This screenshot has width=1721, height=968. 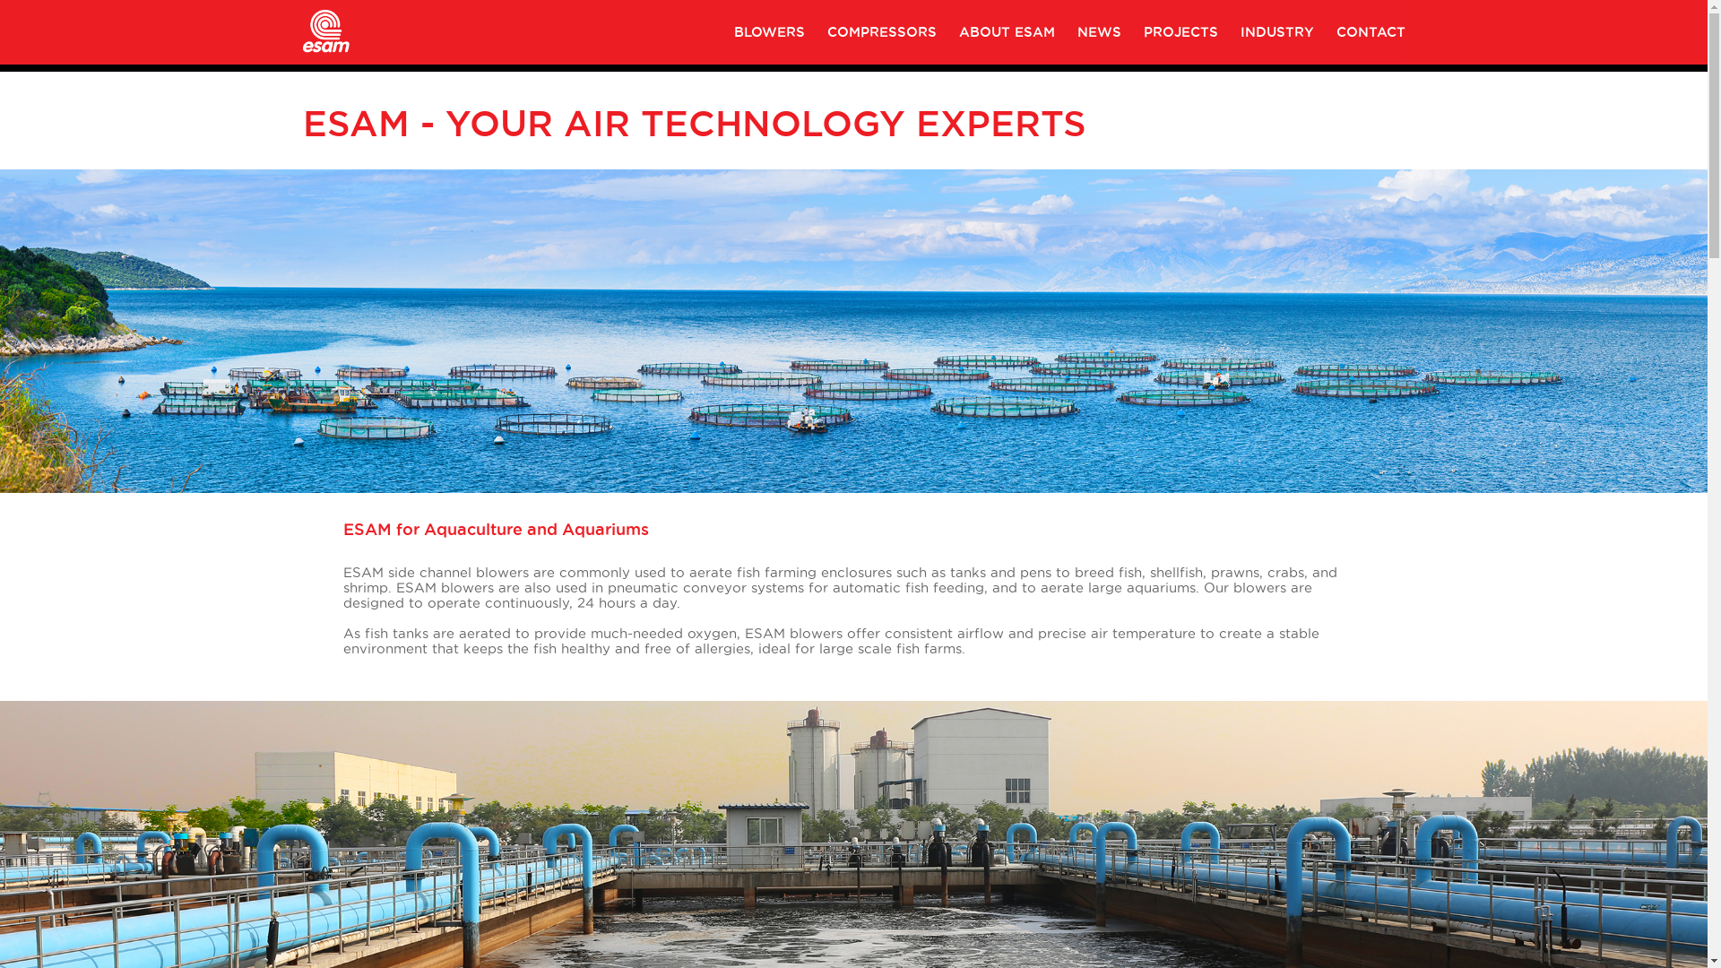 I want to click on 'ABOUT ESAM', so click(x=1007, y=31).